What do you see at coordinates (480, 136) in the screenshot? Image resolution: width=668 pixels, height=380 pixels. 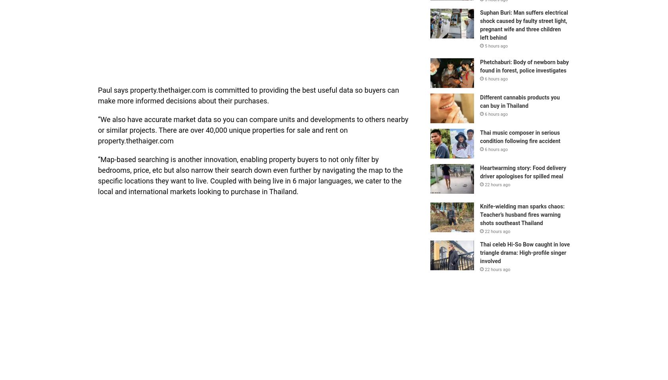 I see `'Thai music composer in serious condition following fire accident'` at bounding box center [480, 136].